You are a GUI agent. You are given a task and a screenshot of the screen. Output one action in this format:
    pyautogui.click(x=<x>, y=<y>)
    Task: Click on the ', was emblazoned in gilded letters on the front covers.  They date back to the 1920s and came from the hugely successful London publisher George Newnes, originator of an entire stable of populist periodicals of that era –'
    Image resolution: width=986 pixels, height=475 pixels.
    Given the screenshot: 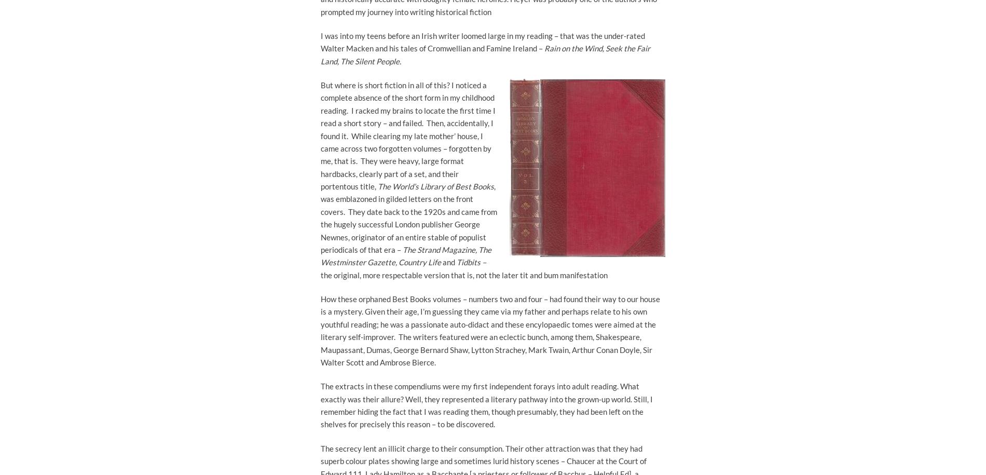 What is the action you would take?
    pyautogui.click(x=408, y=218)
    